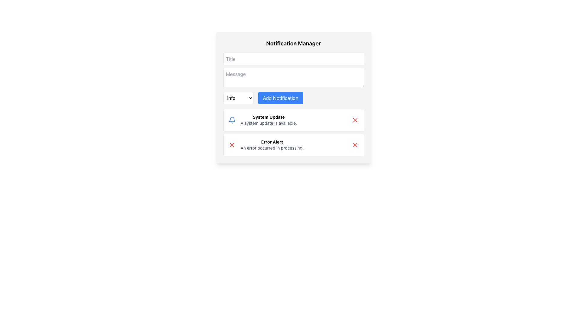  Describe the element at coordinates (293, 145) in the screenshot. I see `the 'Error Alert' notification box` at that location.